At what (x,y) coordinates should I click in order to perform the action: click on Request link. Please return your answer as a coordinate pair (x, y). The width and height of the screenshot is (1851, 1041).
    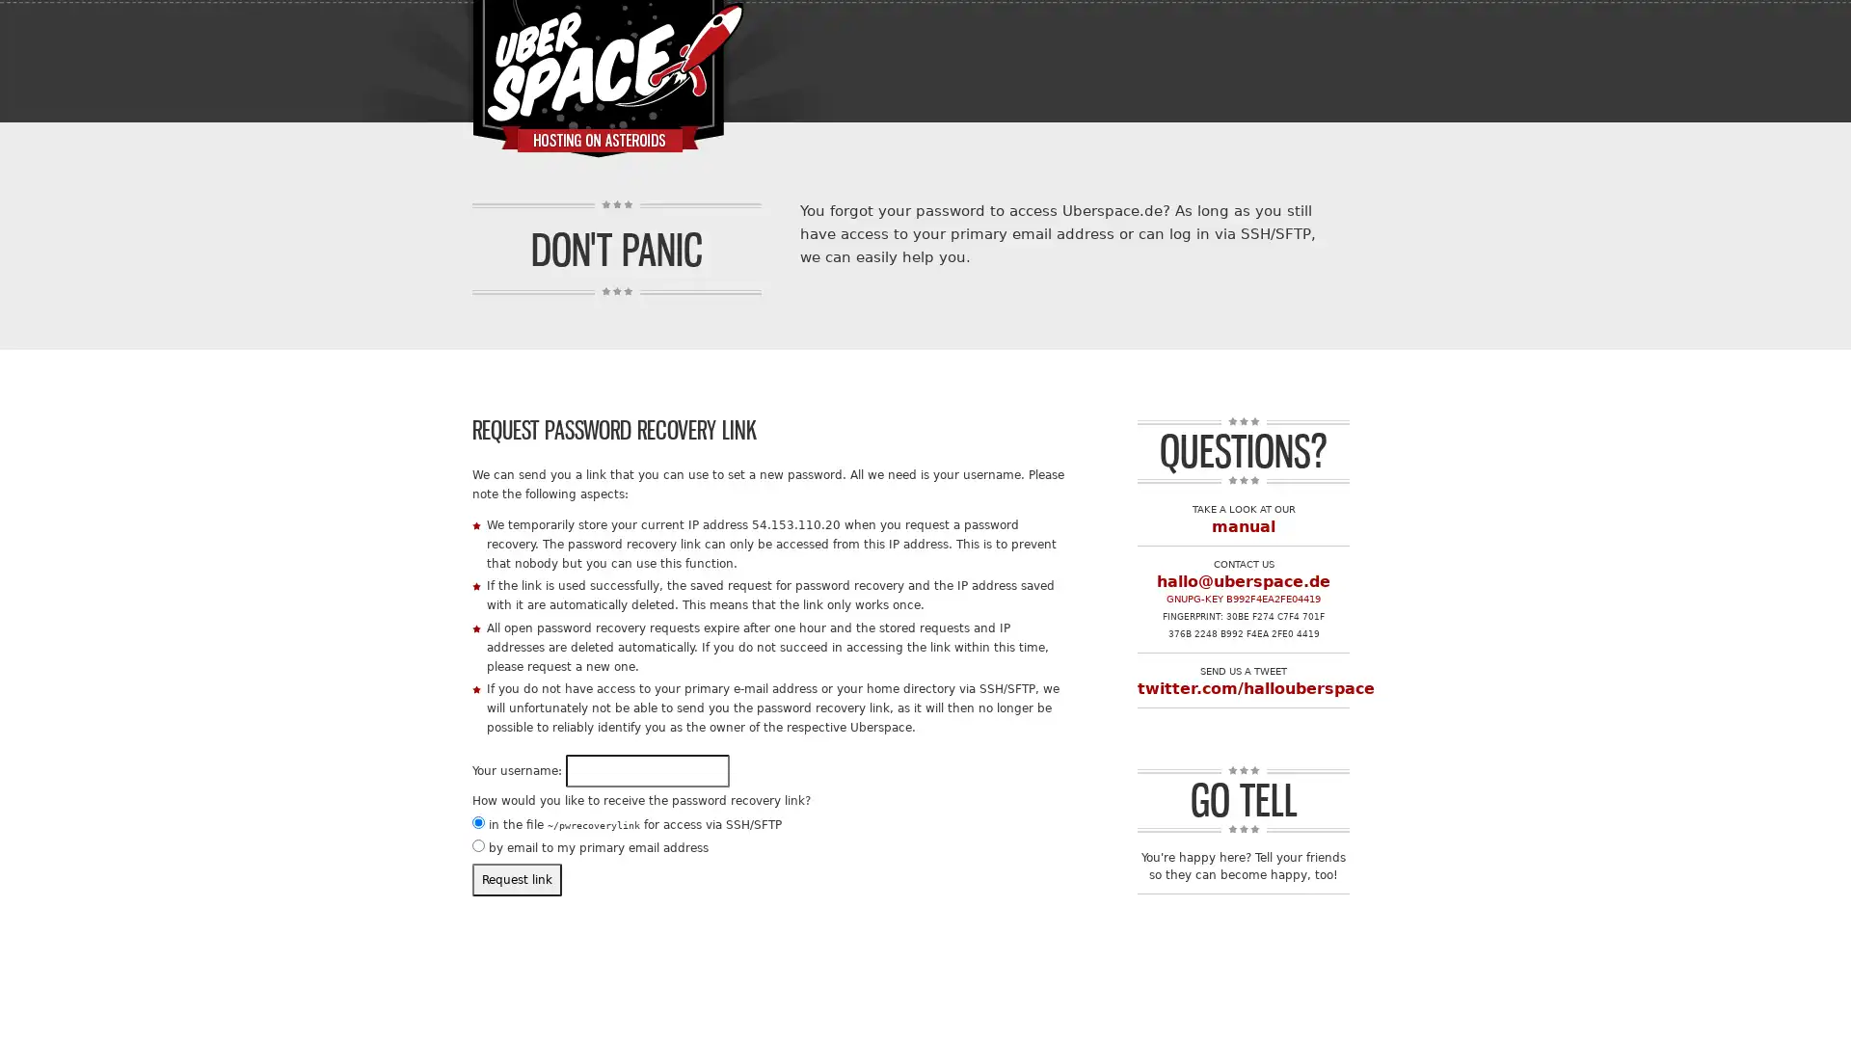
    Looking at the image, I should click on (517, 880).